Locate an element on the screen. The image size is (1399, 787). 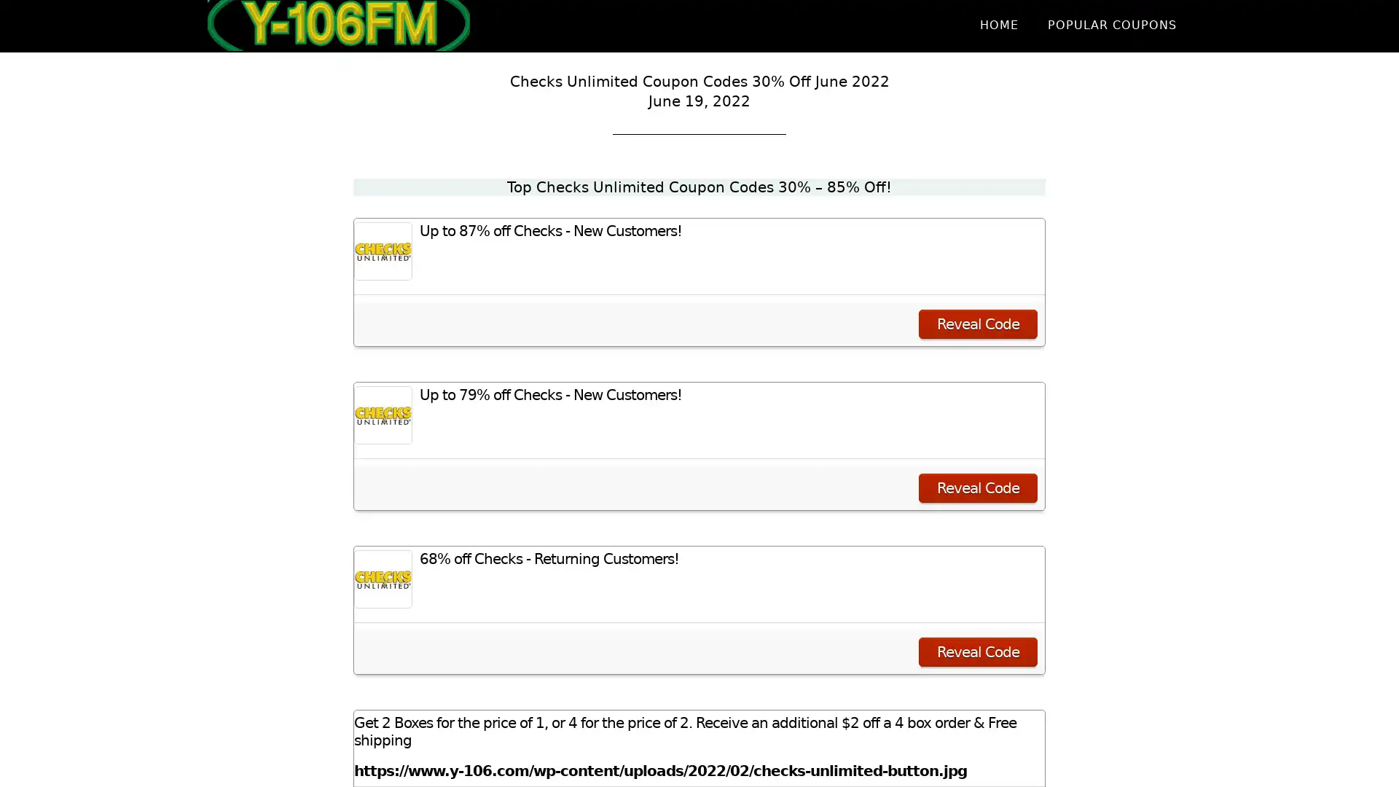
Reveal Code is located at coordinates (978, 323).